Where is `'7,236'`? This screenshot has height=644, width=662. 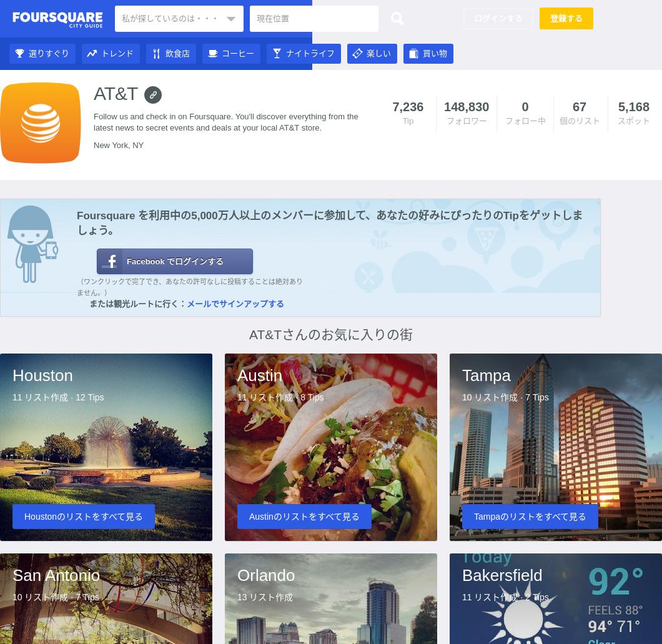 '7,236' is located at coordinates (407, 106).